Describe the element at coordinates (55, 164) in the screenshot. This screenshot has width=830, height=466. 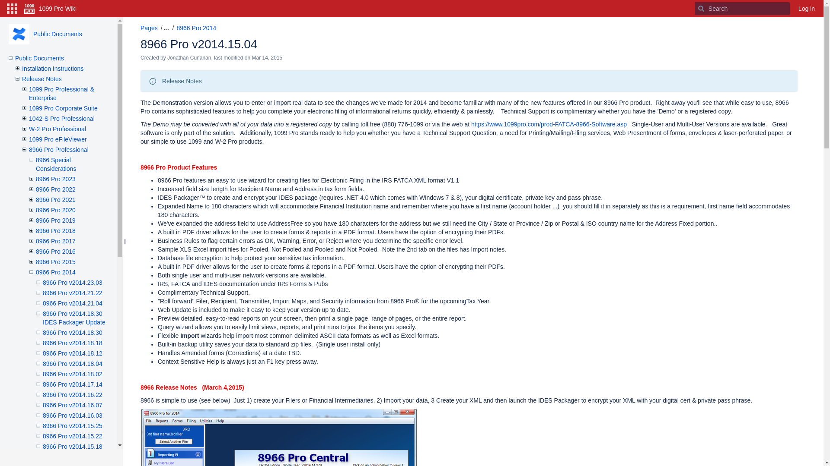
I see `'8966 Special Considerations'` at that location.